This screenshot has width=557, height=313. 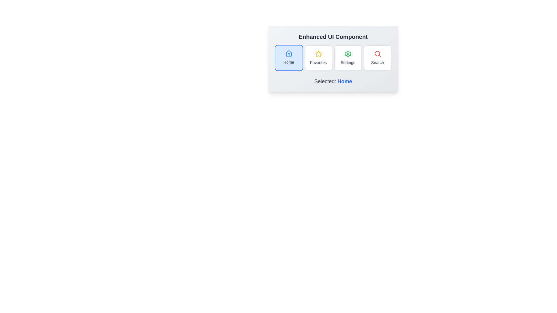 I want to click on text label displaying 'Home' in gray color located below the home icon in the horizontal navigation bar, so click(x=289, y=62).